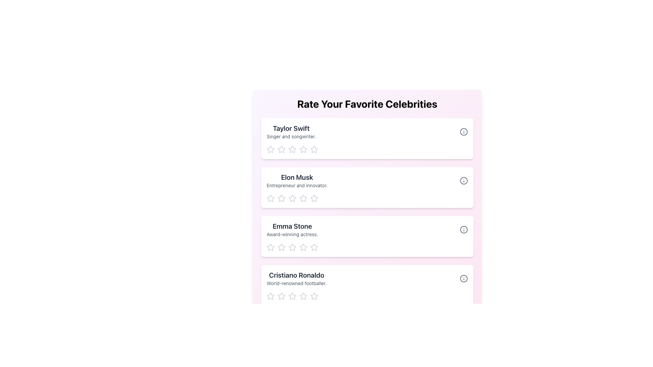 This screenshot has width=653, height=367. Describe the element at coordinates (314, 149) in the screenshot. I see `the fifth star icon` at that location.